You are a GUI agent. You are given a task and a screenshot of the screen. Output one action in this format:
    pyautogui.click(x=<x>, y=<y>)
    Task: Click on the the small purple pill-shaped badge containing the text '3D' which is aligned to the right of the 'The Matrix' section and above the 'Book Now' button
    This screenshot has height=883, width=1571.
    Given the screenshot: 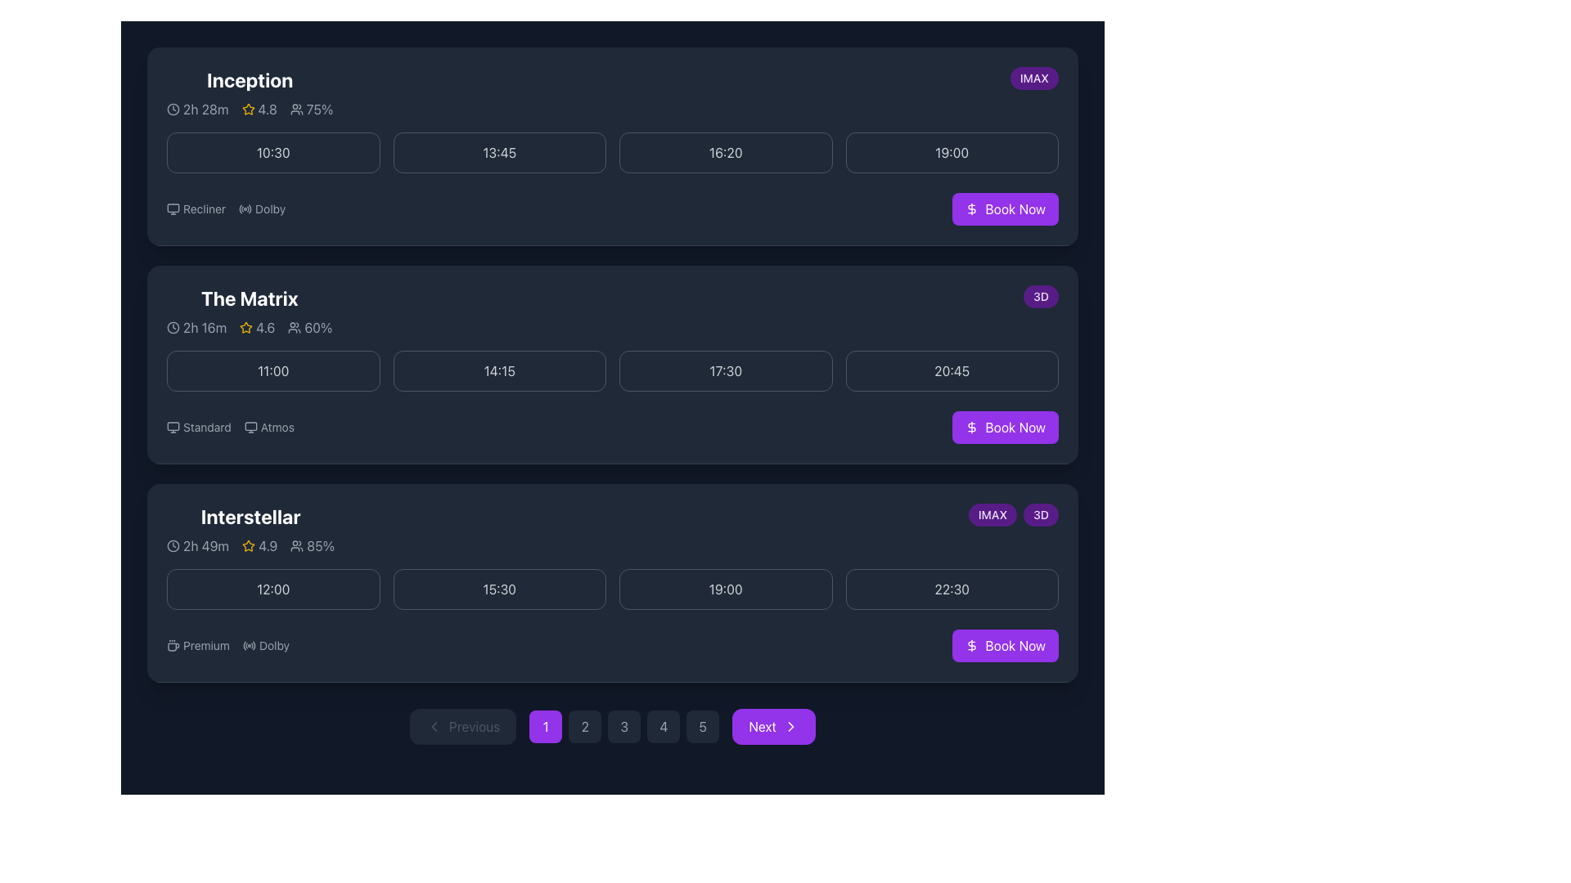 What is the action you would take?
    pyautogui.click(x=1040, y=296)
    